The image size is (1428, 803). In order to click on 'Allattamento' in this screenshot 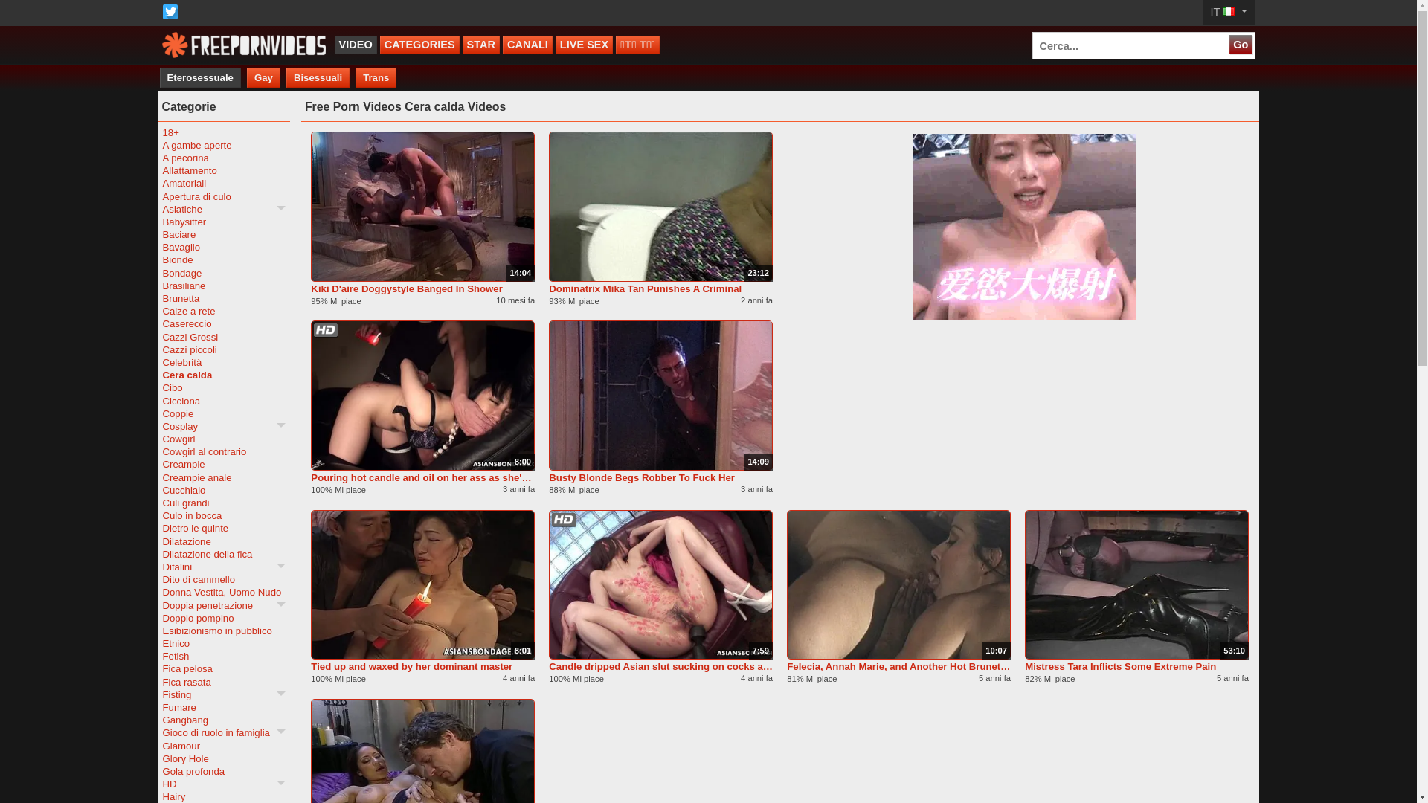, I will do `click(223, 170)`.